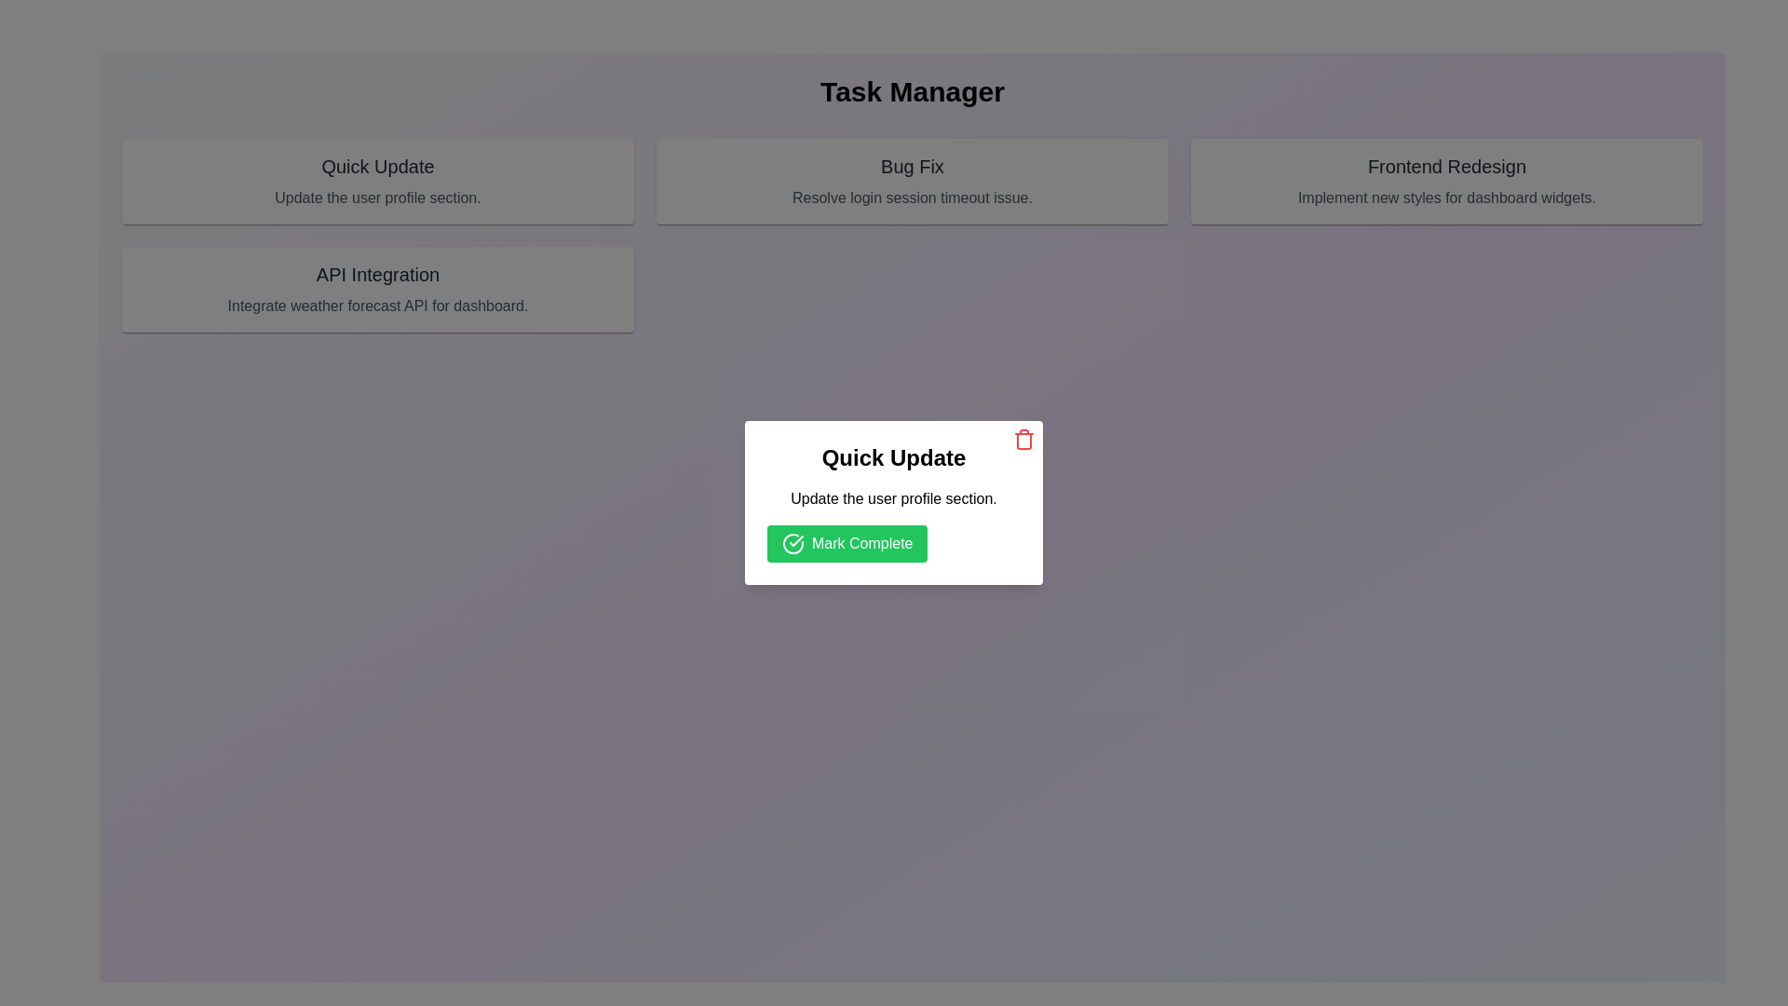 The height and width of the screenshot is (1006, 1788). Describe the element at coordinates (796, 541) in the screenshot. I see `the decorative or informational icon indicating successful completion, located directly above the green 'Mark Complete' button in the centered modal` at that location.